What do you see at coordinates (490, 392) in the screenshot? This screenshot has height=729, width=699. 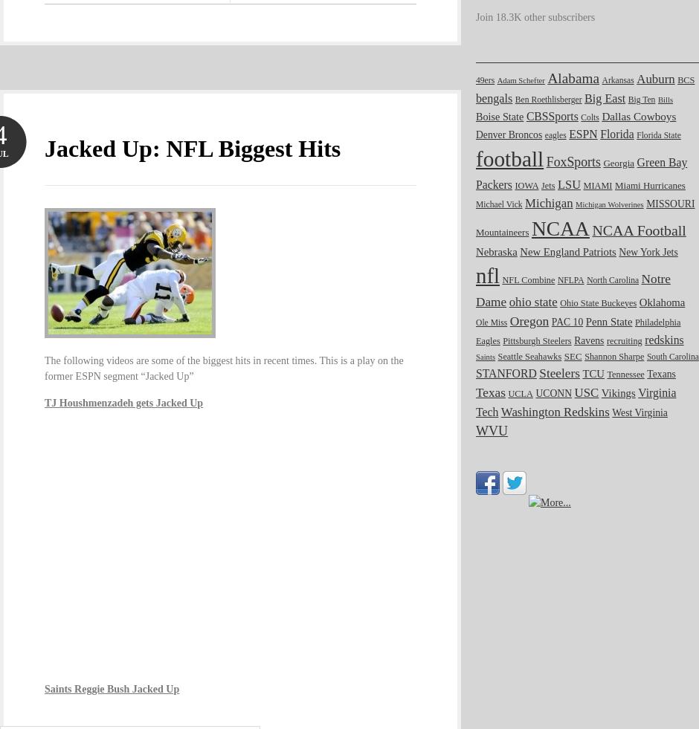 I see `'Texas'` at bounding box center [490, 392].